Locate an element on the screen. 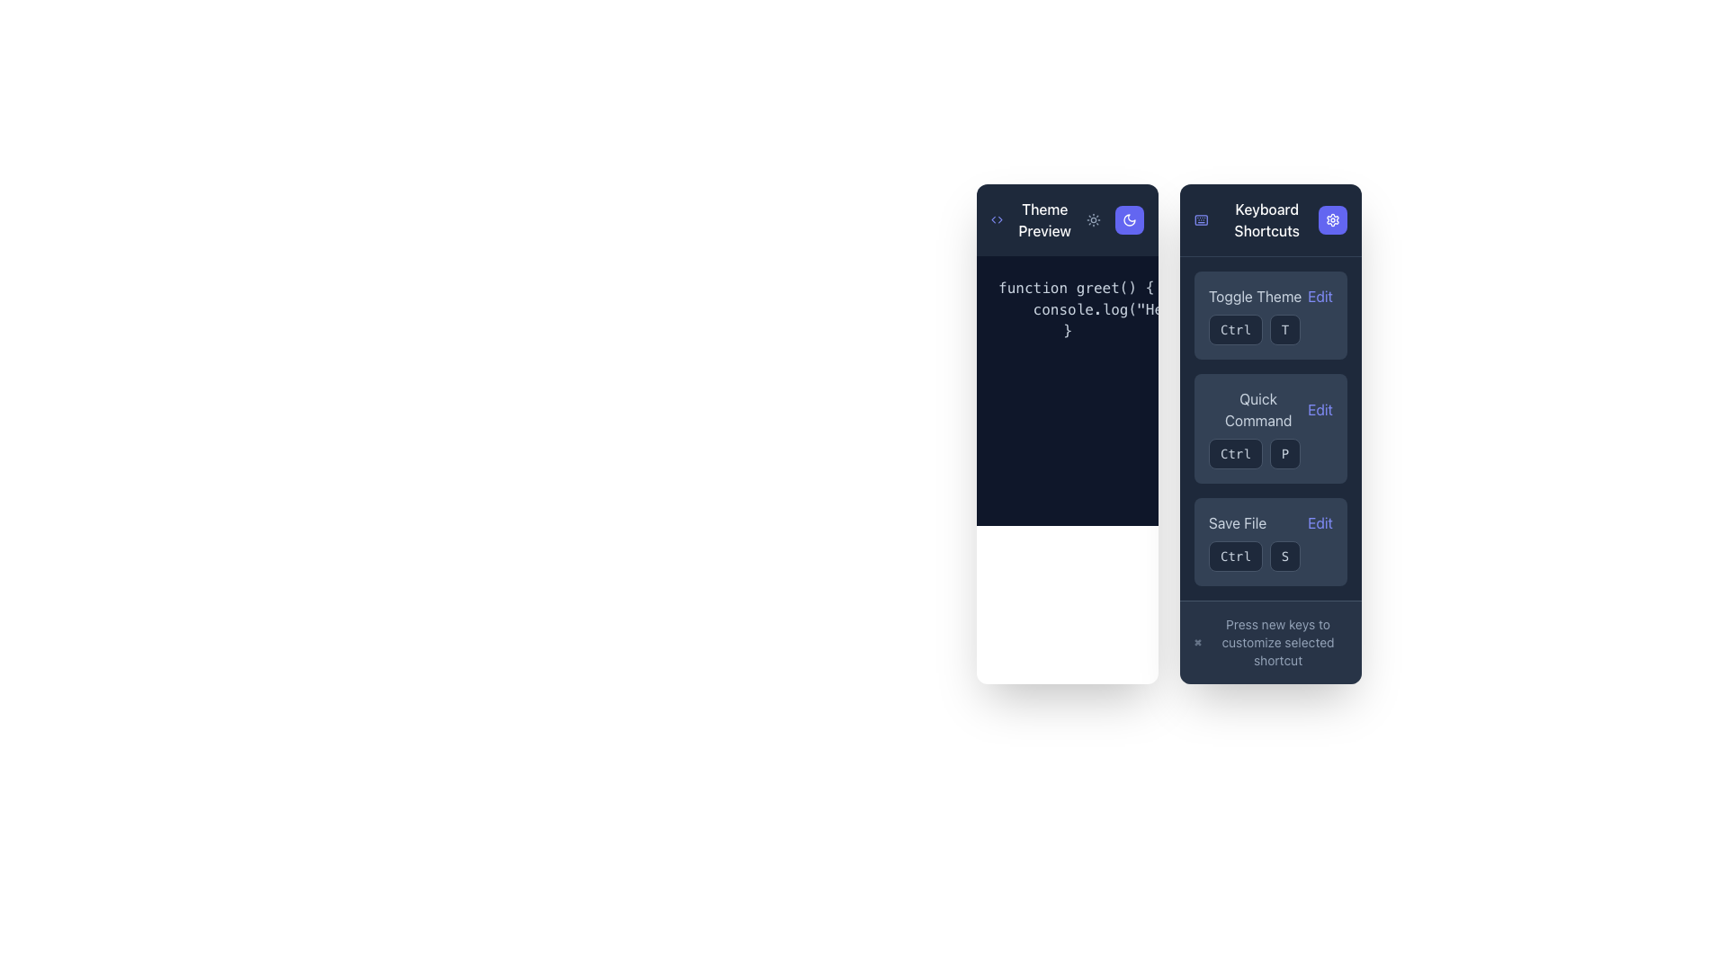 This screenshot has width=1727, height=971. the 'T' key button, which is a small square button with rounded corners and a dark background, located in the 'Toggle Theme' row of the 'Keyboard Shortcuts' panel is located at coordinates (1284, 329).